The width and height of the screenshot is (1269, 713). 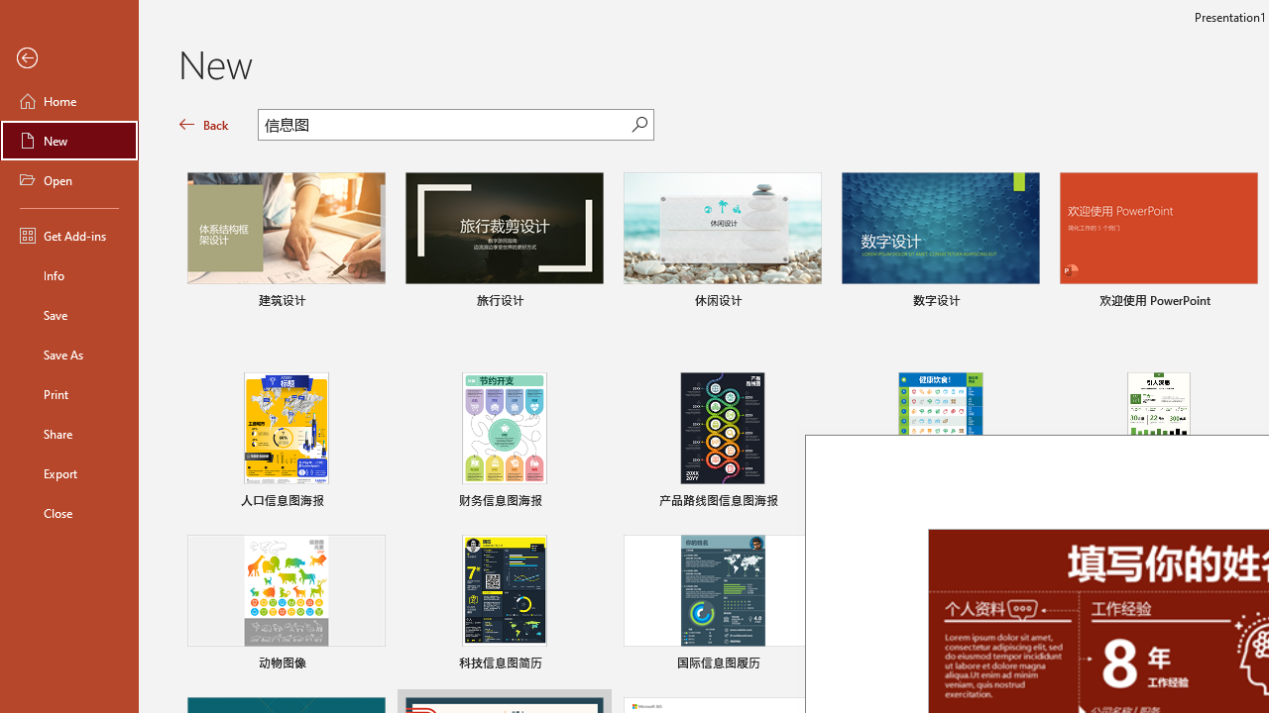 I want to click on 'Get Add-ins', so click(x=68, y=234).